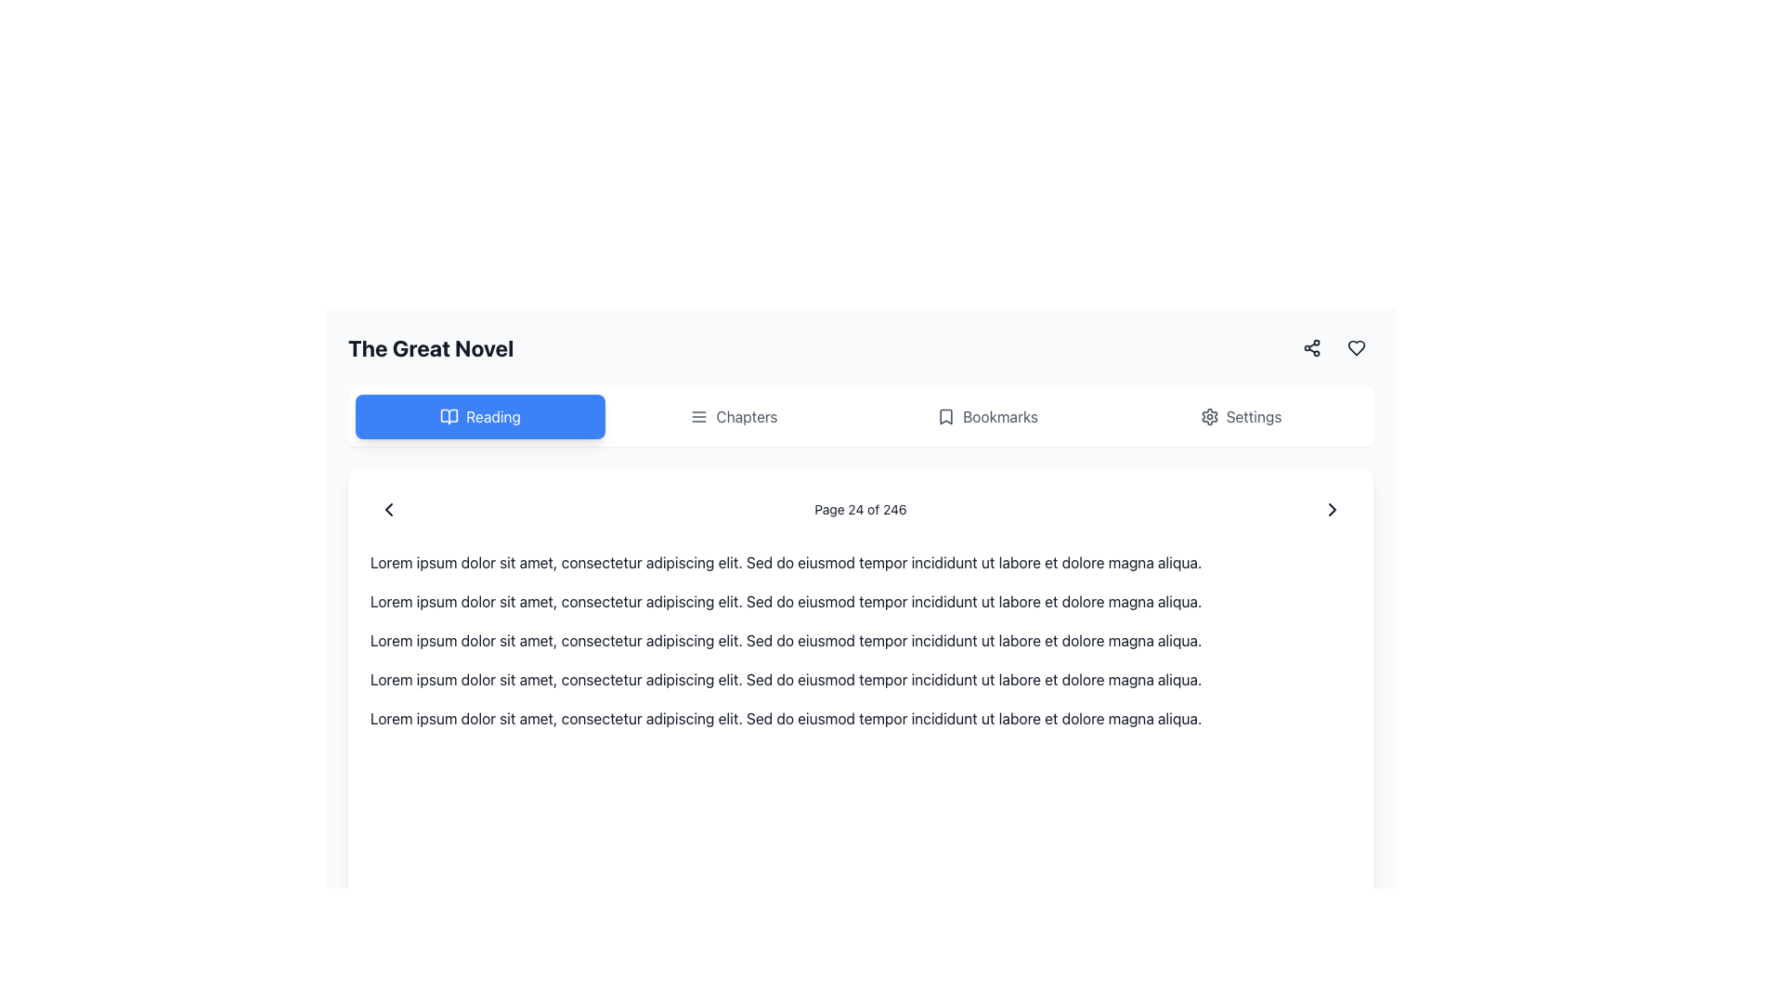  Describe the element at coordinates (387, 509) in the screenshot. I see `the leftmost chevron icon in the navigation bar` at that location.